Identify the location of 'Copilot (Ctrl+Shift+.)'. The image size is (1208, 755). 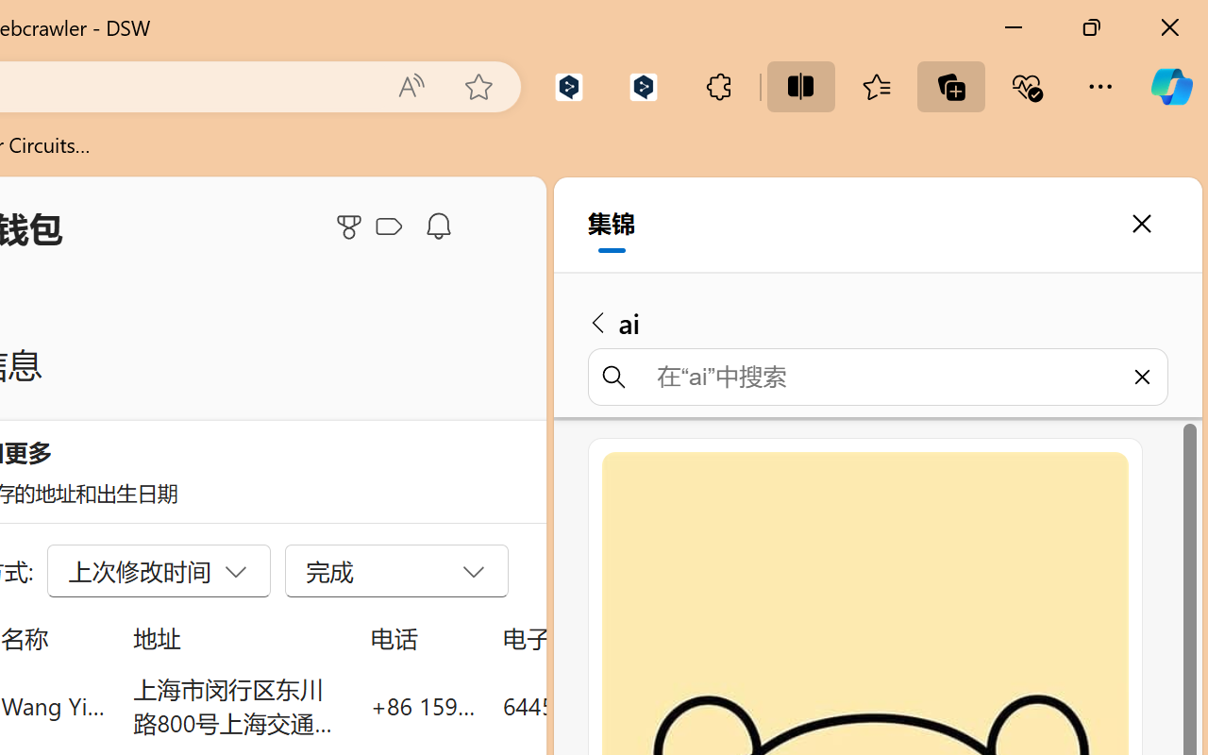
(1170, 86).